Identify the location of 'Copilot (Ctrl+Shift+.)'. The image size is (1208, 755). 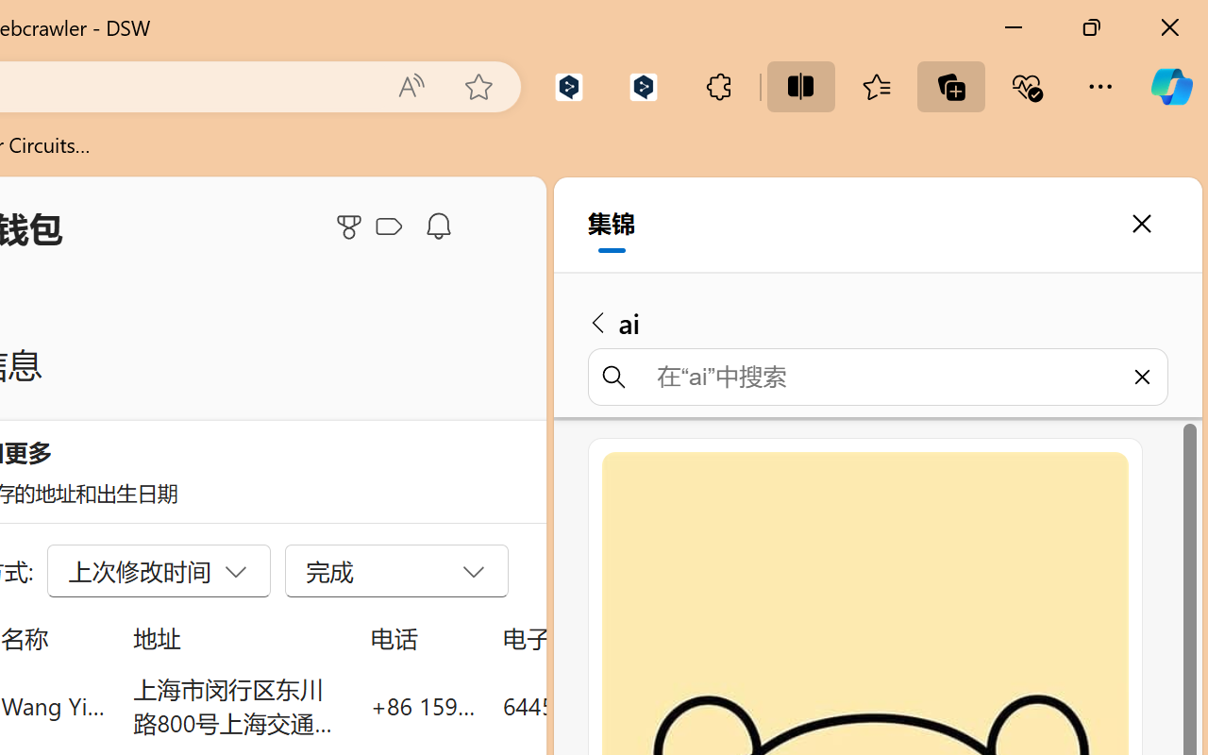
(1170, 86).